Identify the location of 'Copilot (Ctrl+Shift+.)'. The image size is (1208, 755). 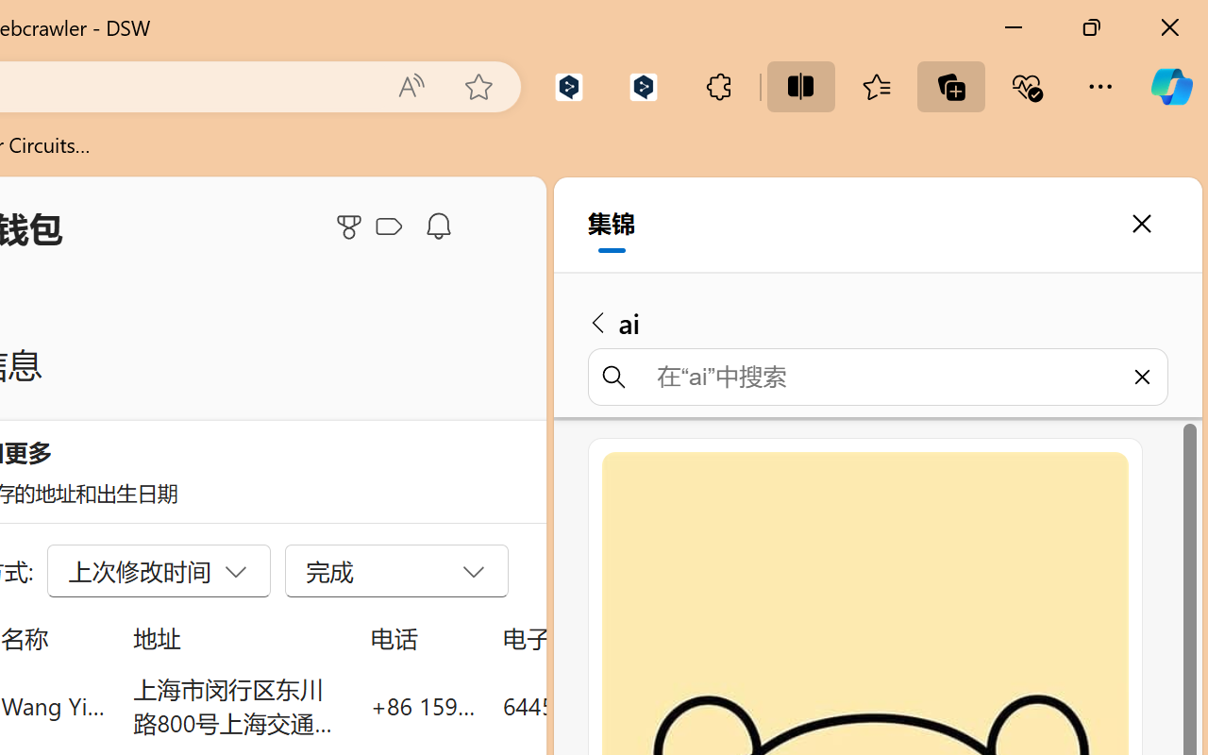
(1170, 86).